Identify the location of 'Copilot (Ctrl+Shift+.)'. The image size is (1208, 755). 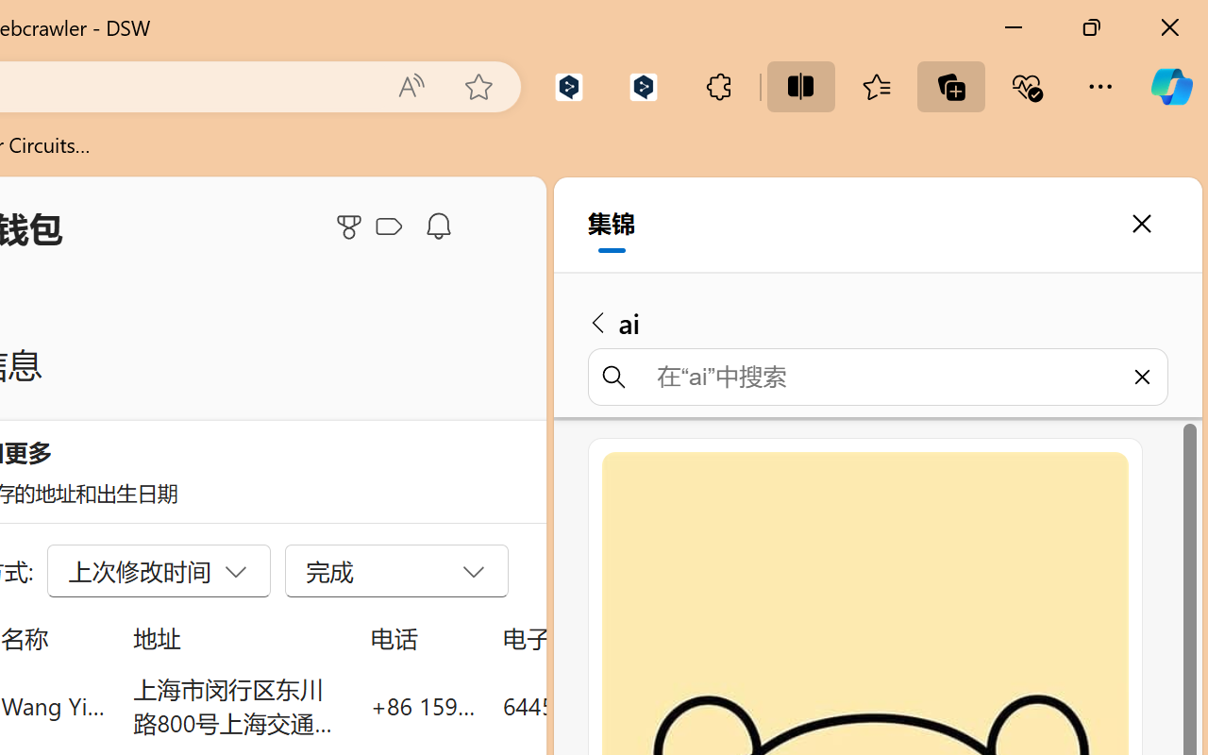
(1170, 86).